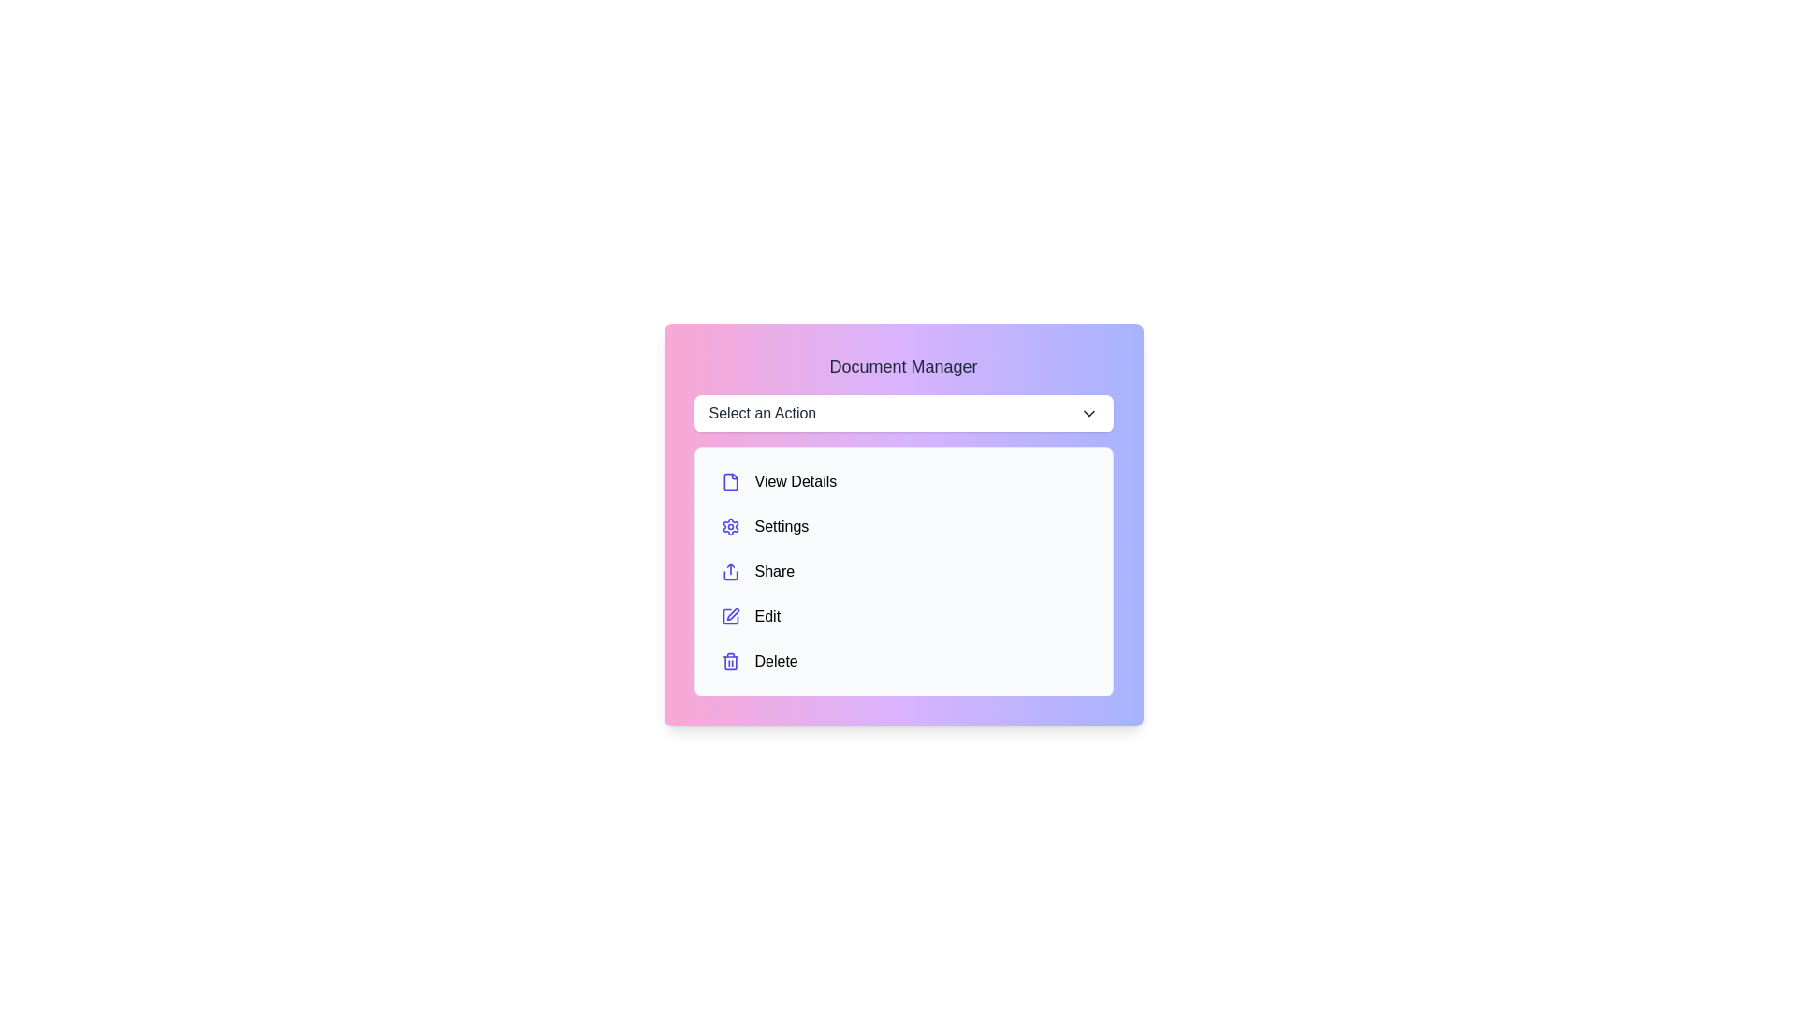 The height and width of the screenshot is (1011, 1797). What do you see at coordinates (774, 570) in the screenshot?
I see `the 'Share' text label, which is the third item in the dropdown menu located centrally in the interface, displayed in black against a light background` at bounding box center [774, 570].